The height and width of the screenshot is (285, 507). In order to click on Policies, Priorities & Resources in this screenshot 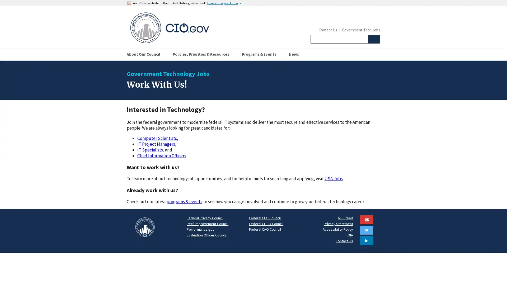, I will do `click(203, 54)`.